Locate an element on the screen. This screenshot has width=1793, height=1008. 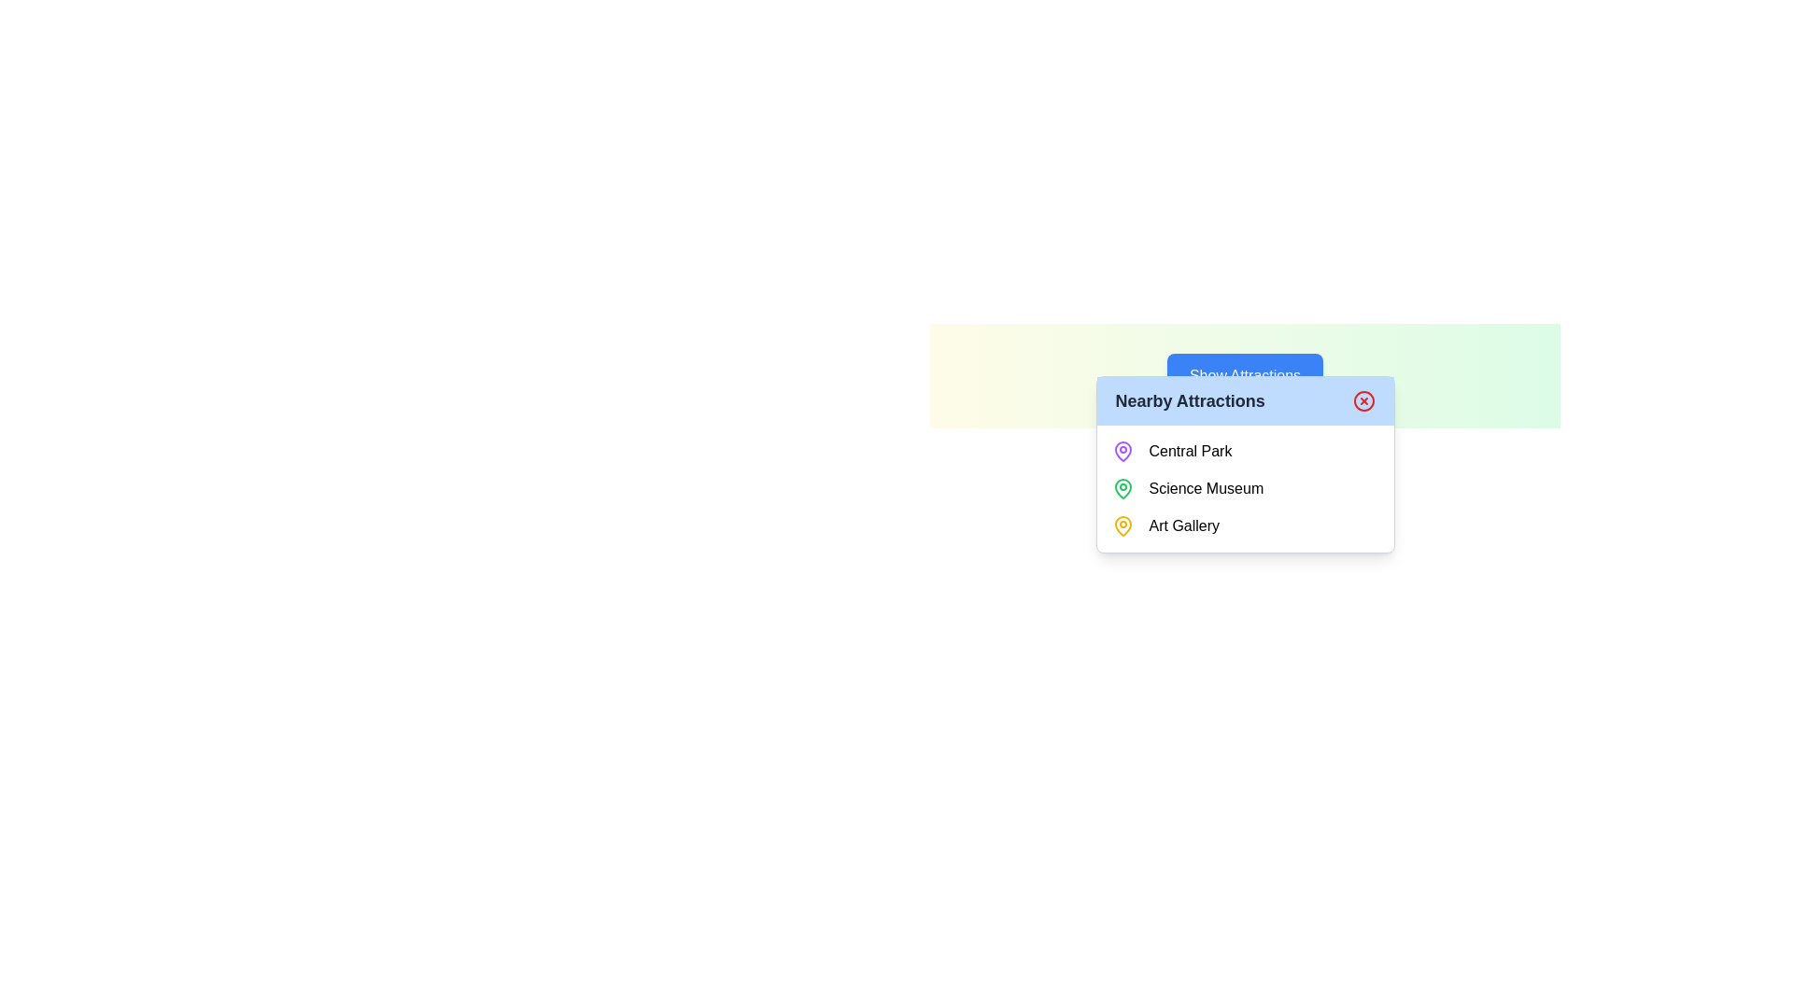
the 'Nearby Attractions' modal is located at coordinates (1245, 463).